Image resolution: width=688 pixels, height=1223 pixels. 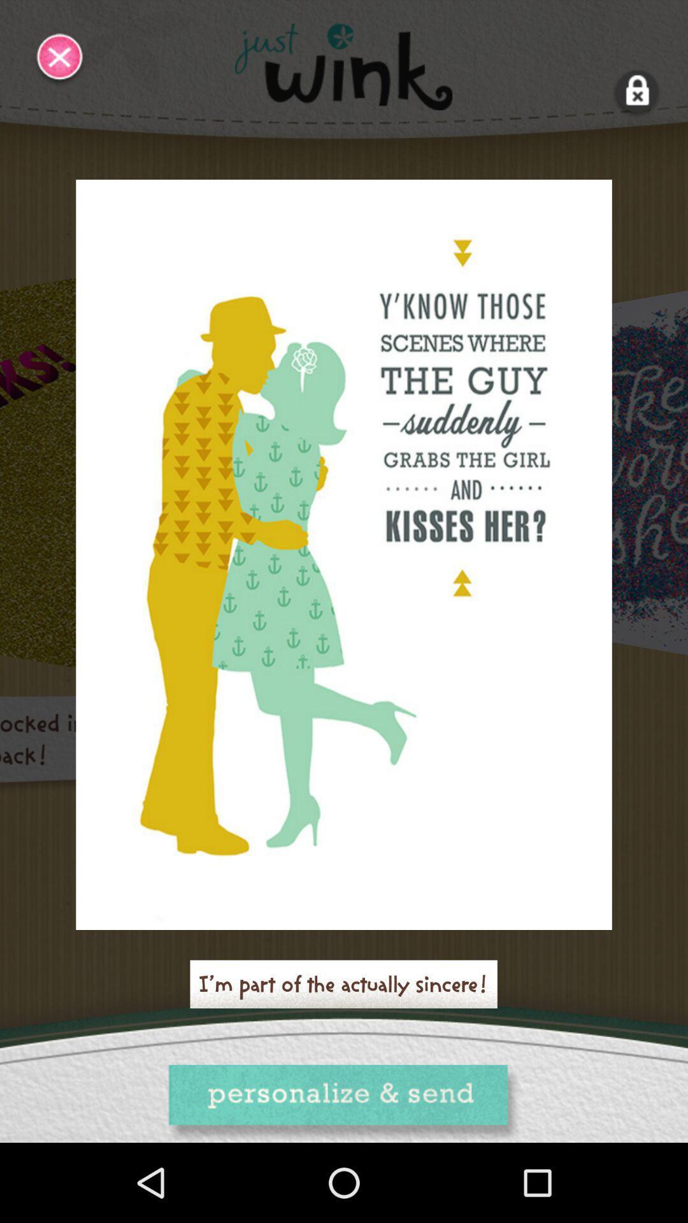 What do you see at coordinates (637, 91) in the screenshot?
I see `the lock icon` at bounding box center [637, 91].